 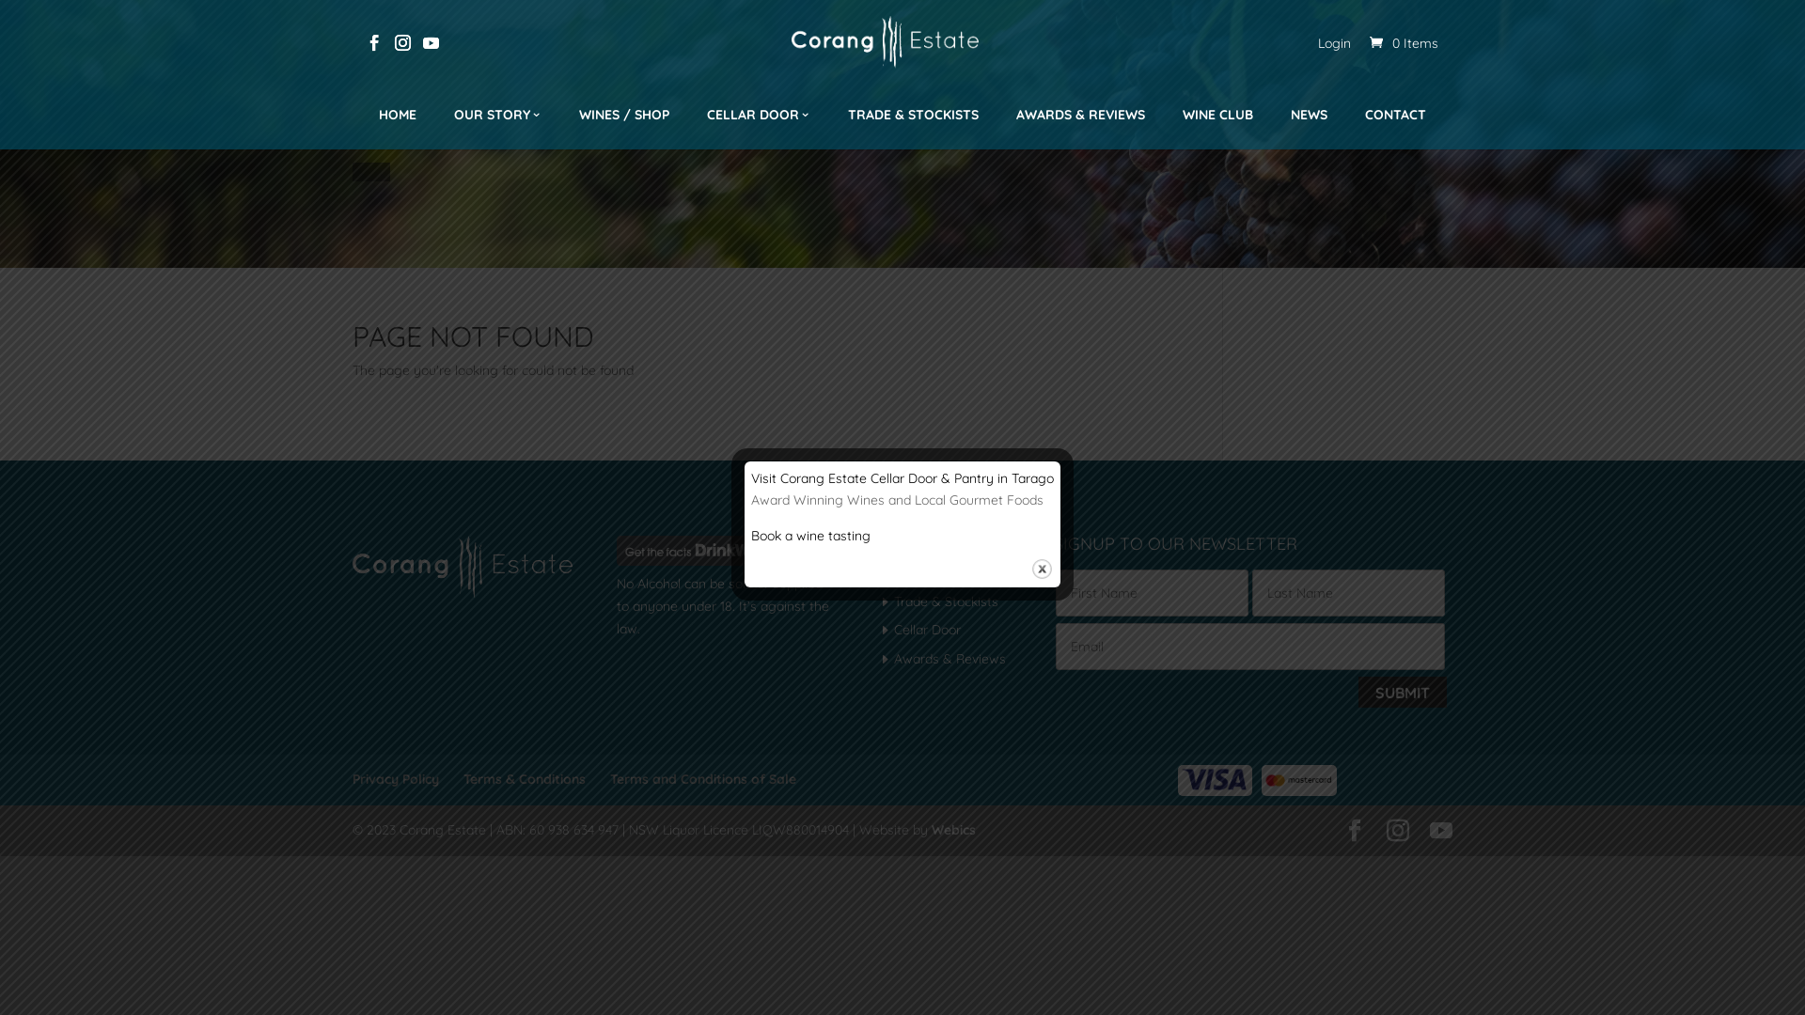 What do you see at coordinates (749, 536) in the screenshot?
I see `'Book a wine tasting'` at bounding box center [749, 536].